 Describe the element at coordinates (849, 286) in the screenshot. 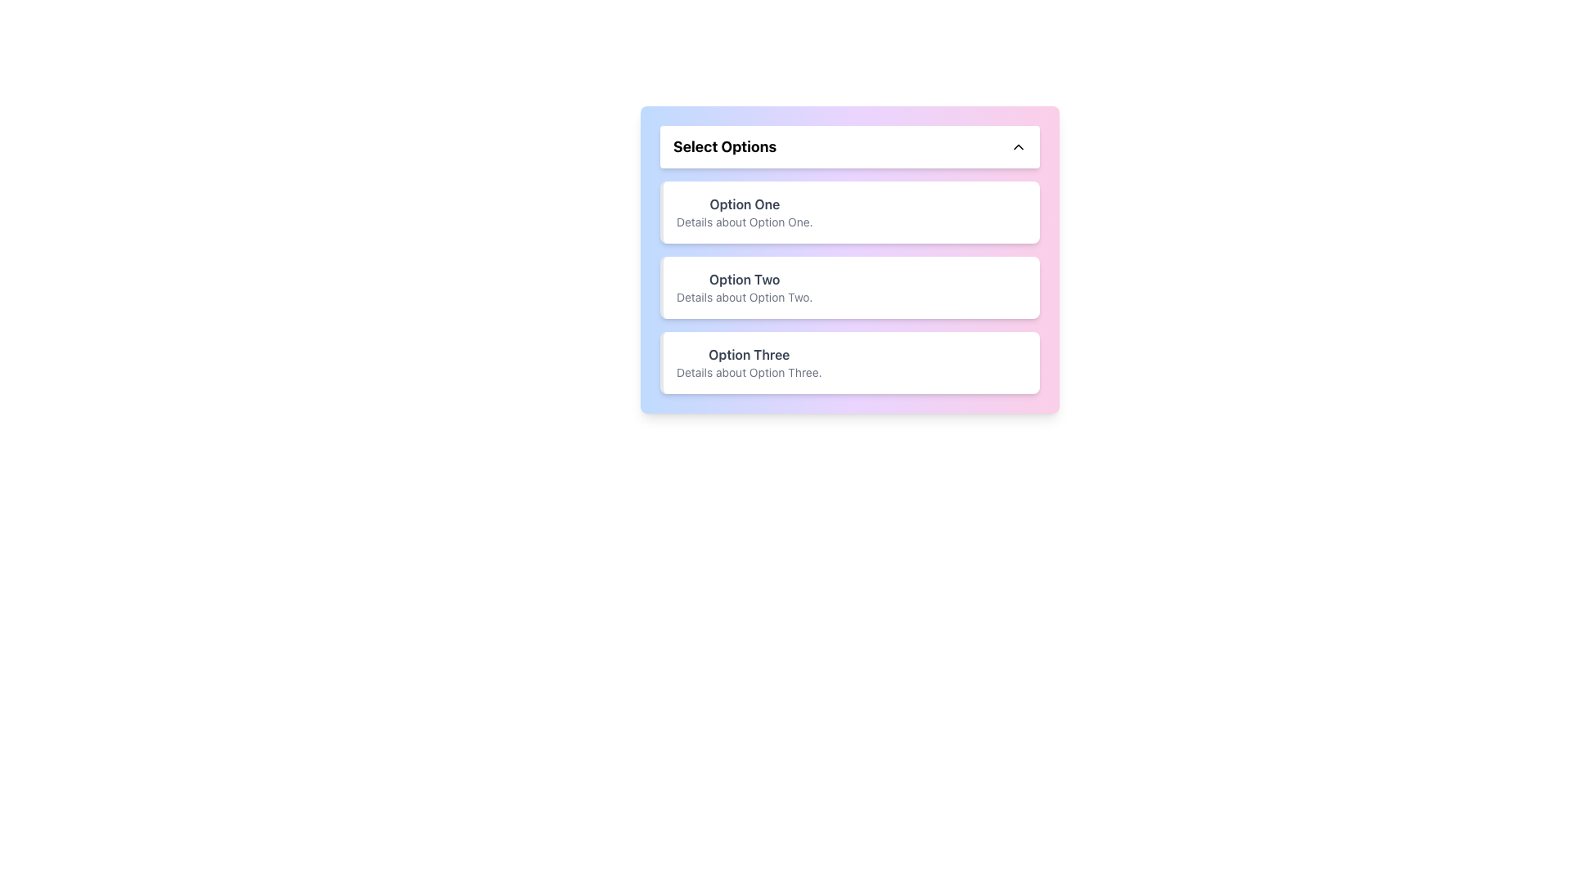

I see `the 'Option Two' card in the selection list` at that location.